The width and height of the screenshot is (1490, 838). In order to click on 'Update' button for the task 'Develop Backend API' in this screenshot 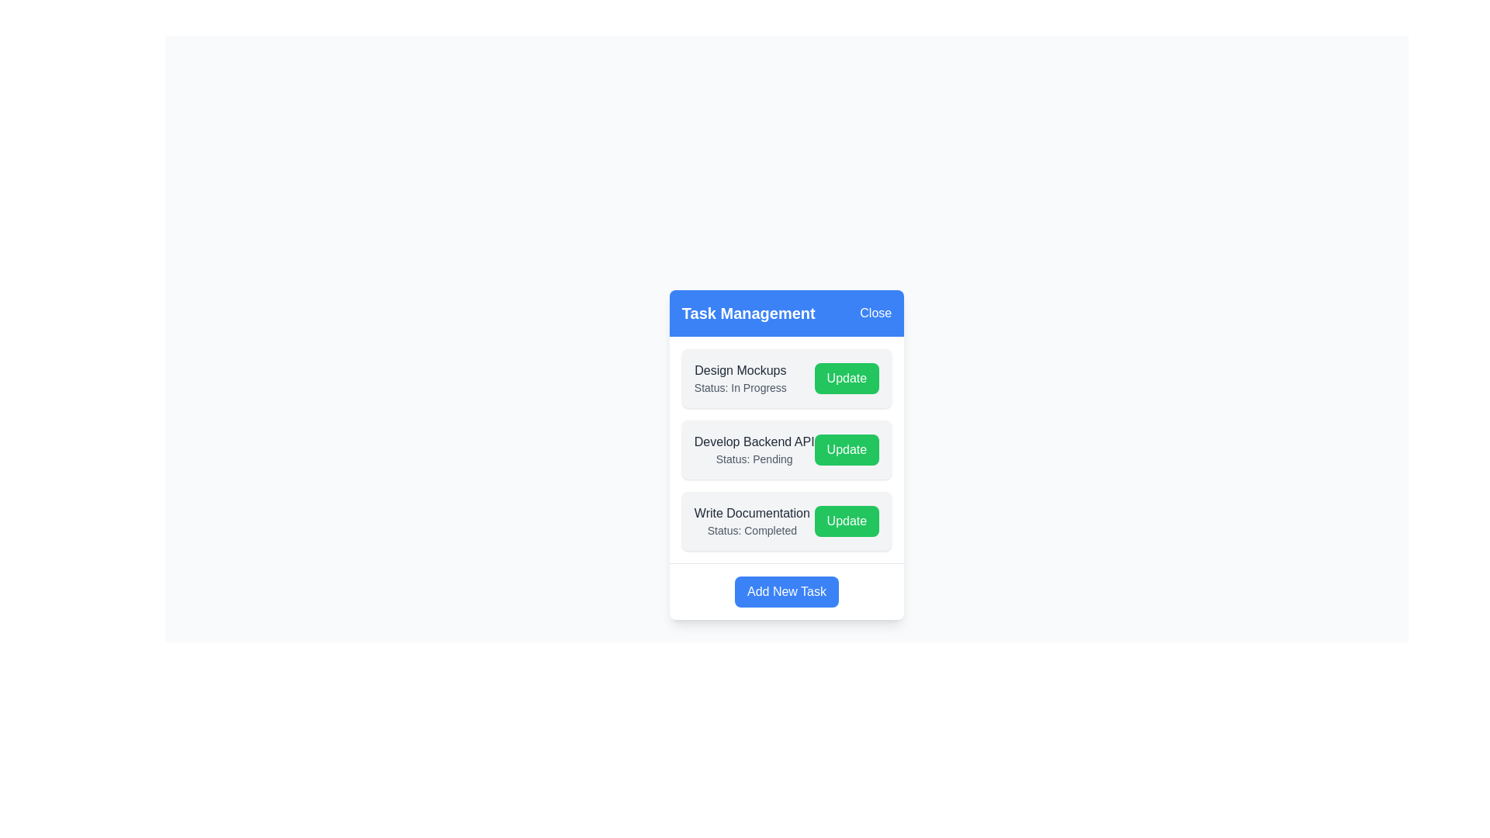, I will do `click(846, 449)`.